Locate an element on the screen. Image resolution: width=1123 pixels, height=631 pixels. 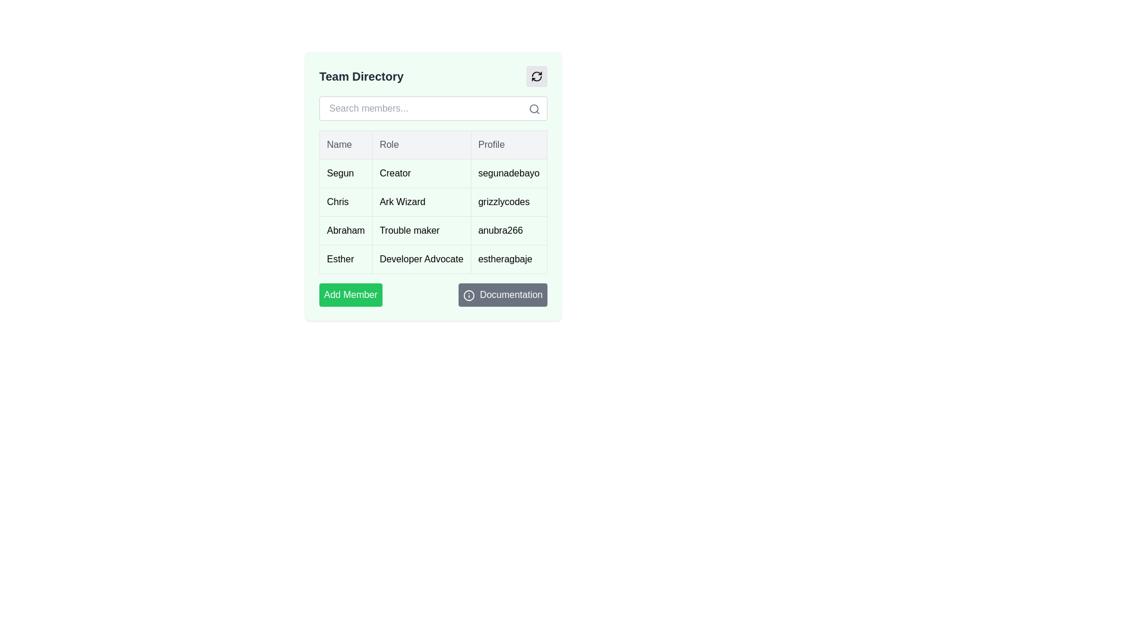
the text label in the first column of the third row under the 'Name' header in the directory list is located at coordinates (345, 230).